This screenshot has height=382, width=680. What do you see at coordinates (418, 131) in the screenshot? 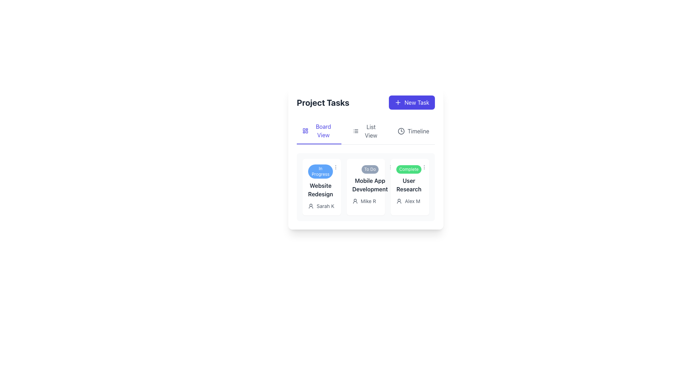
I see `the 'Timeline' text label, which is displayed in a clear sans-serif font and is located to the right of a clock icon` at bounding box center [418, 131].